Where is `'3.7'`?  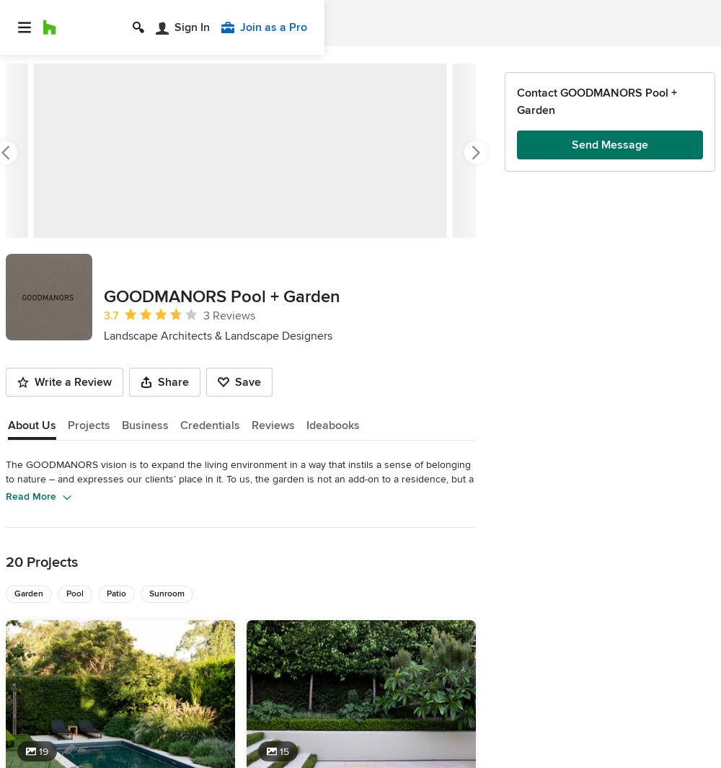
'3.7' is located at coordinates (111, 315).